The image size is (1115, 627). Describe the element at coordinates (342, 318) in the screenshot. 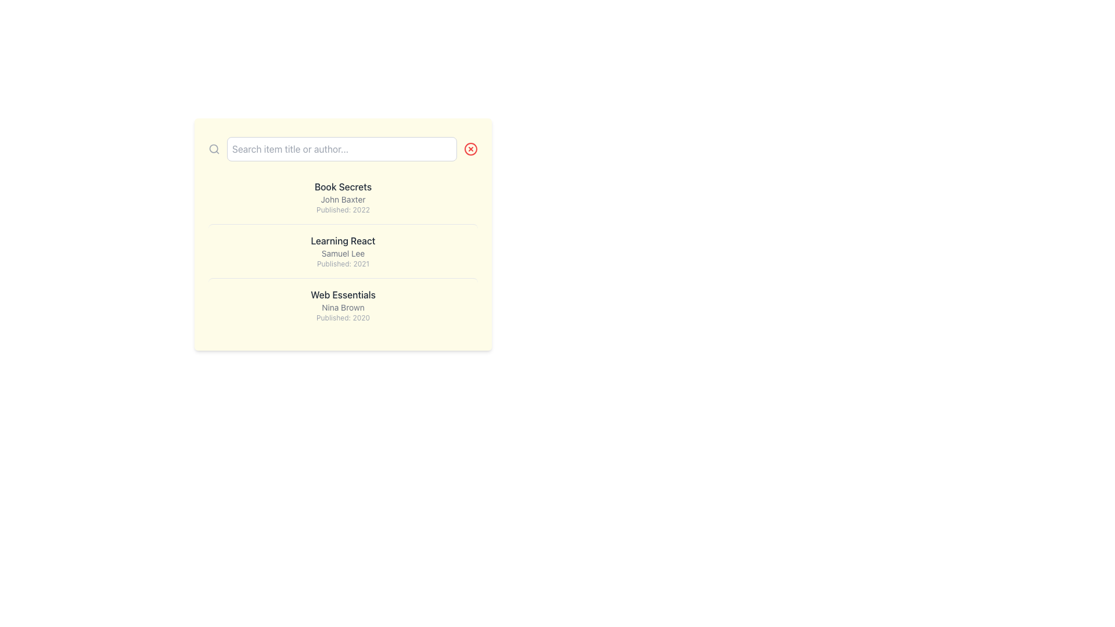

I see `the text label displaying 'Published: 2020', which is the last text component in the details for 'Web Essentials'` at that location.